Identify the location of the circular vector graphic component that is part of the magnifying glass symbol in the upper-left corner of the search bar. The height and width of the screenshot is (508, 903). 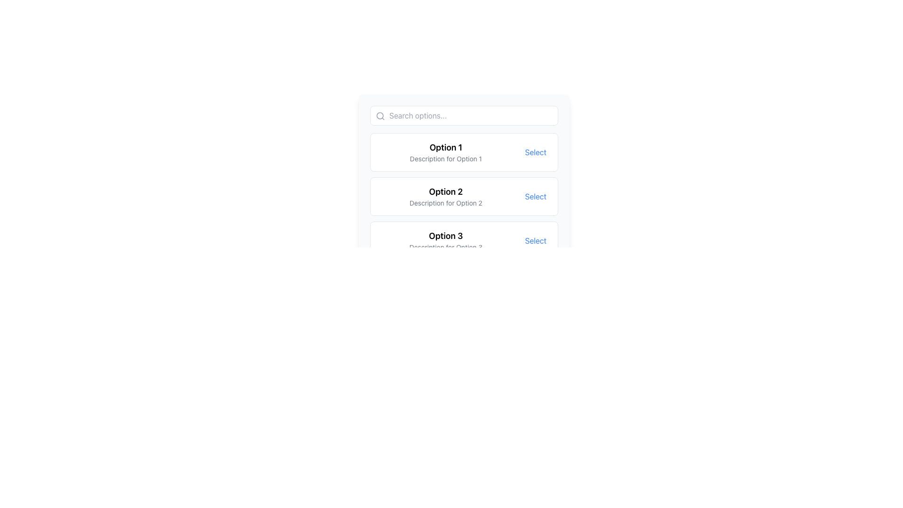
(380, 115).